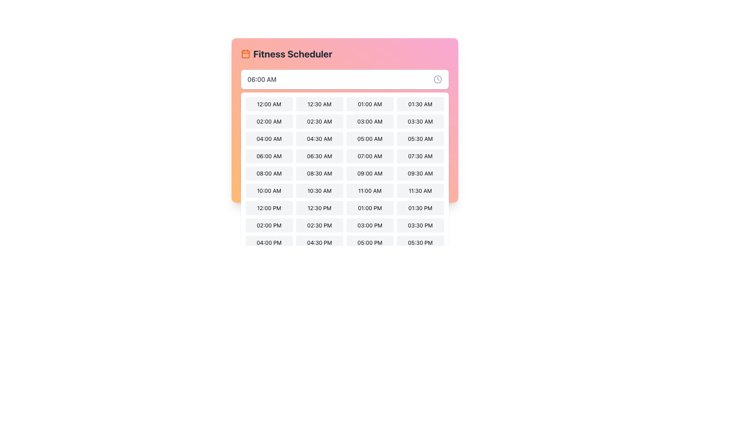  I want to click on the selectable time slot button located in the second row and third column of the grid, so click(345, 139).